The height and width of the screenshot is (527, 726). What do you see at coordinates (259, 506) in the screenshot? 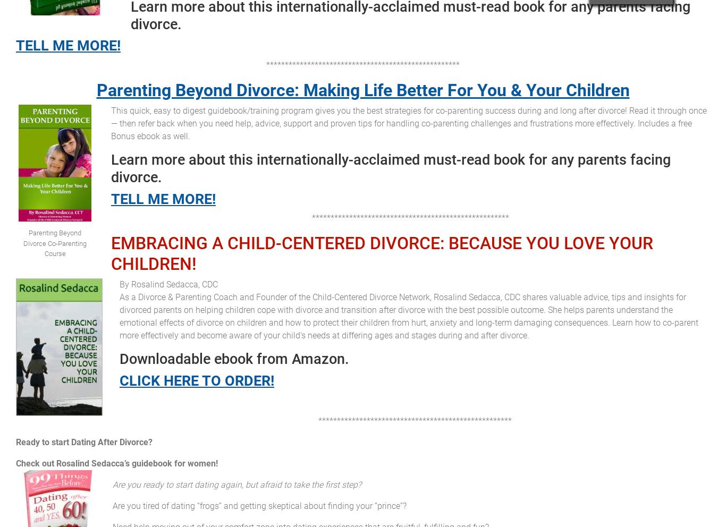
I see `'Are you tired of dating “frogs” and getting skeptical about finding your “prince”?'` at bounding box center [259, 506].